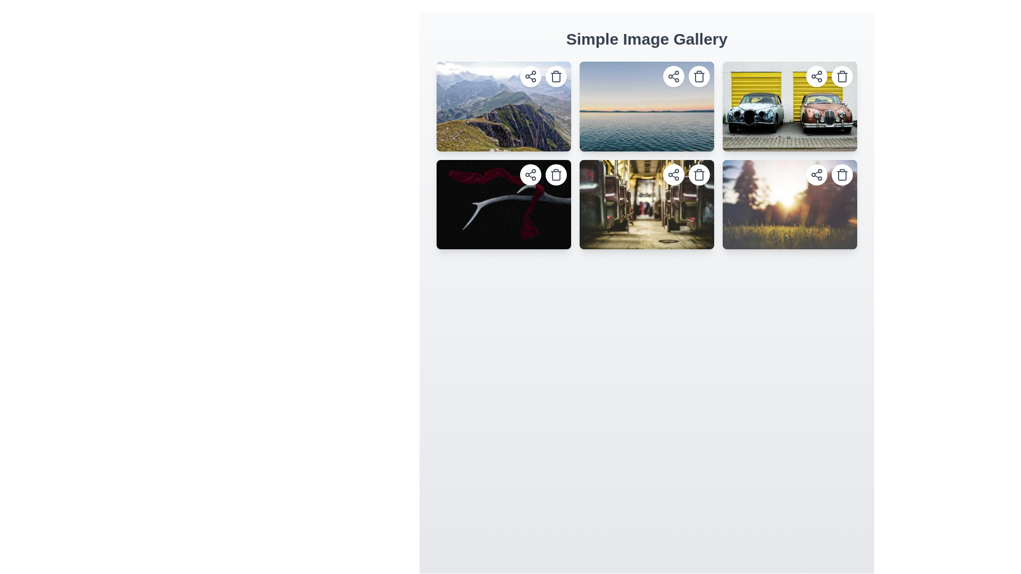 The image size is (1021, 574). Describe the element at coordinates (556, 173) in the screenshot. I see `the delete icon button located on the bottom row of images in the second card` at that location.